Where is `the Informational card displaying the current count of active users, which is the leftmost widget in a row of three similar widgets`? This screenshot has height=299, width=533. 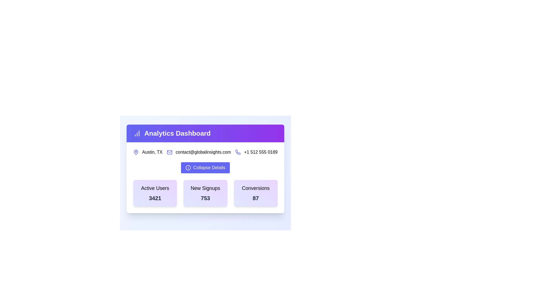 the Informational card displaying the current count of active users, which is the leftmost widget in a row of three similar widgets is located at coordinates (155, 193).